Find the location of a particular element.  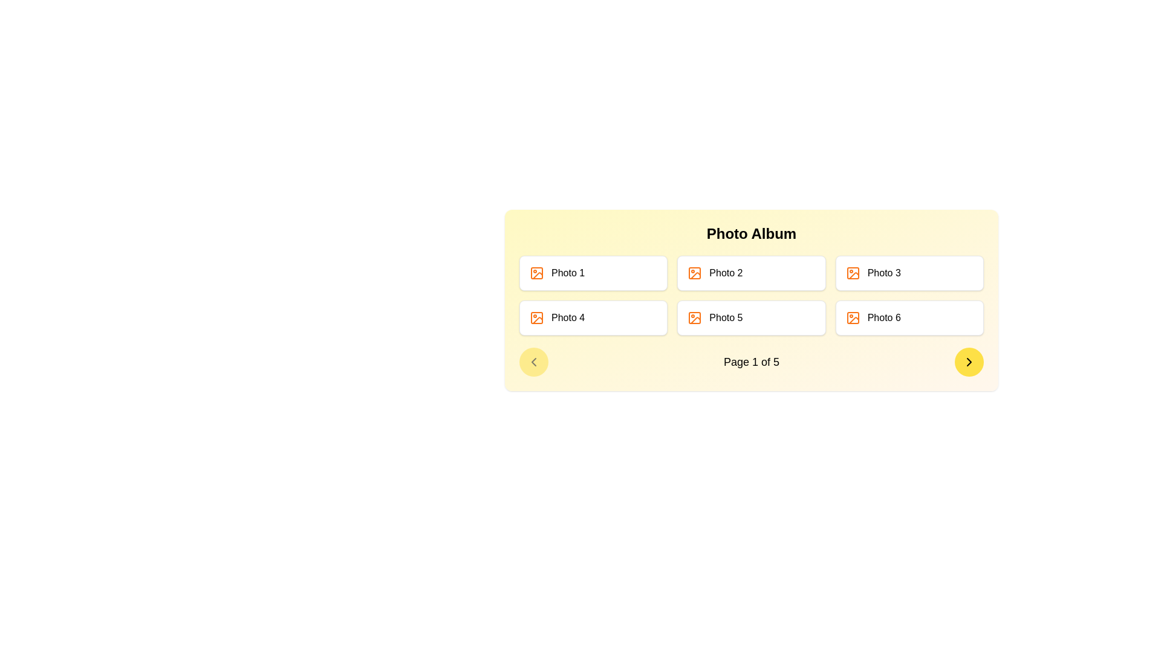

the clickable card representing 'Photo 6' is located at coordinates (909, 317).